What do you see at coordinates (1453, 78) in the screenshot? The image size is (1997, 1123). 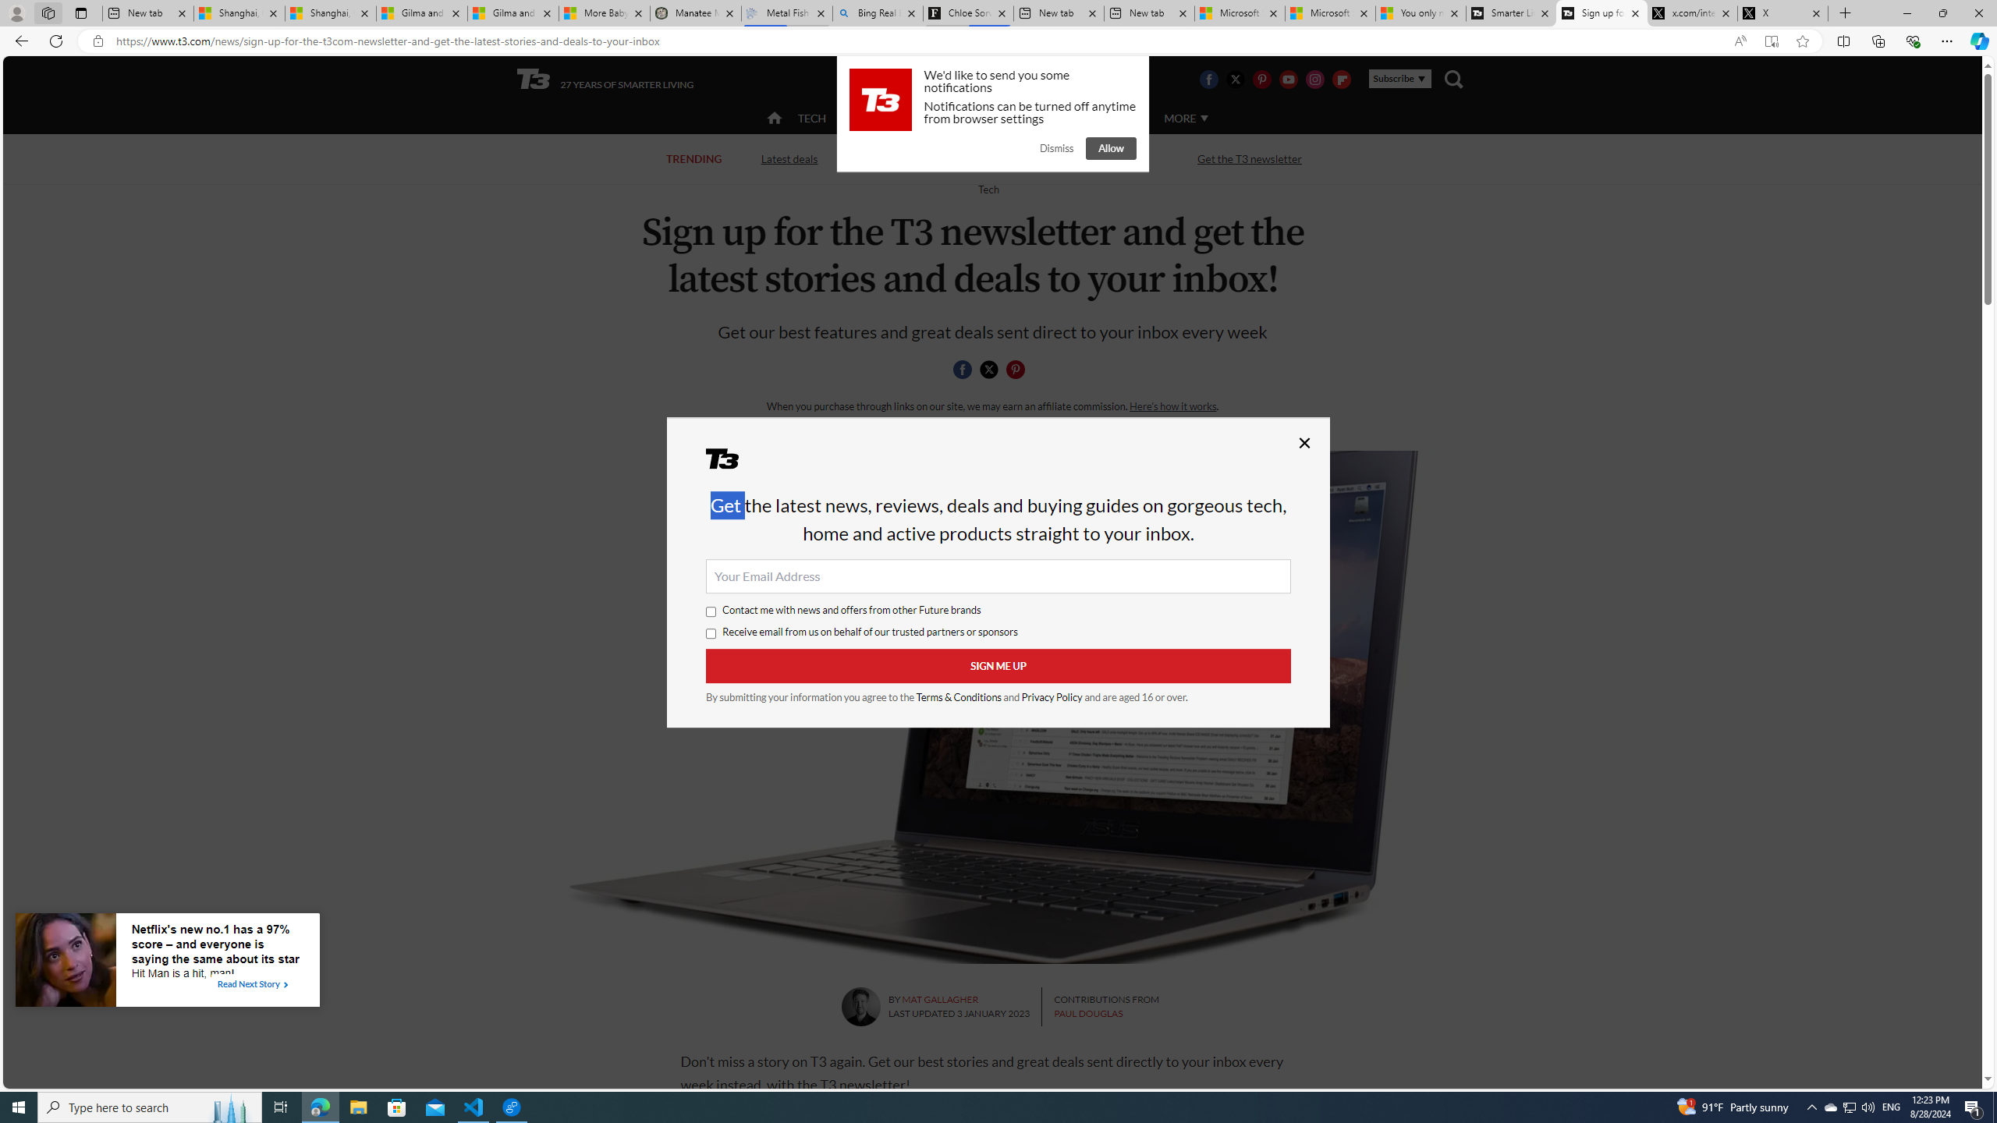 I see `'Class: navigation__search'` at bounding box center [1453, 78].